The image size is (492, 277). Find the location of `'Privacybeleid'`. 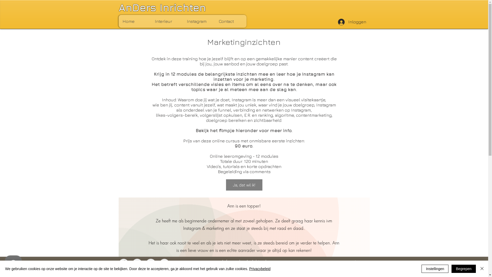

'Privacybeleid' is located at coordinates (260, 269).